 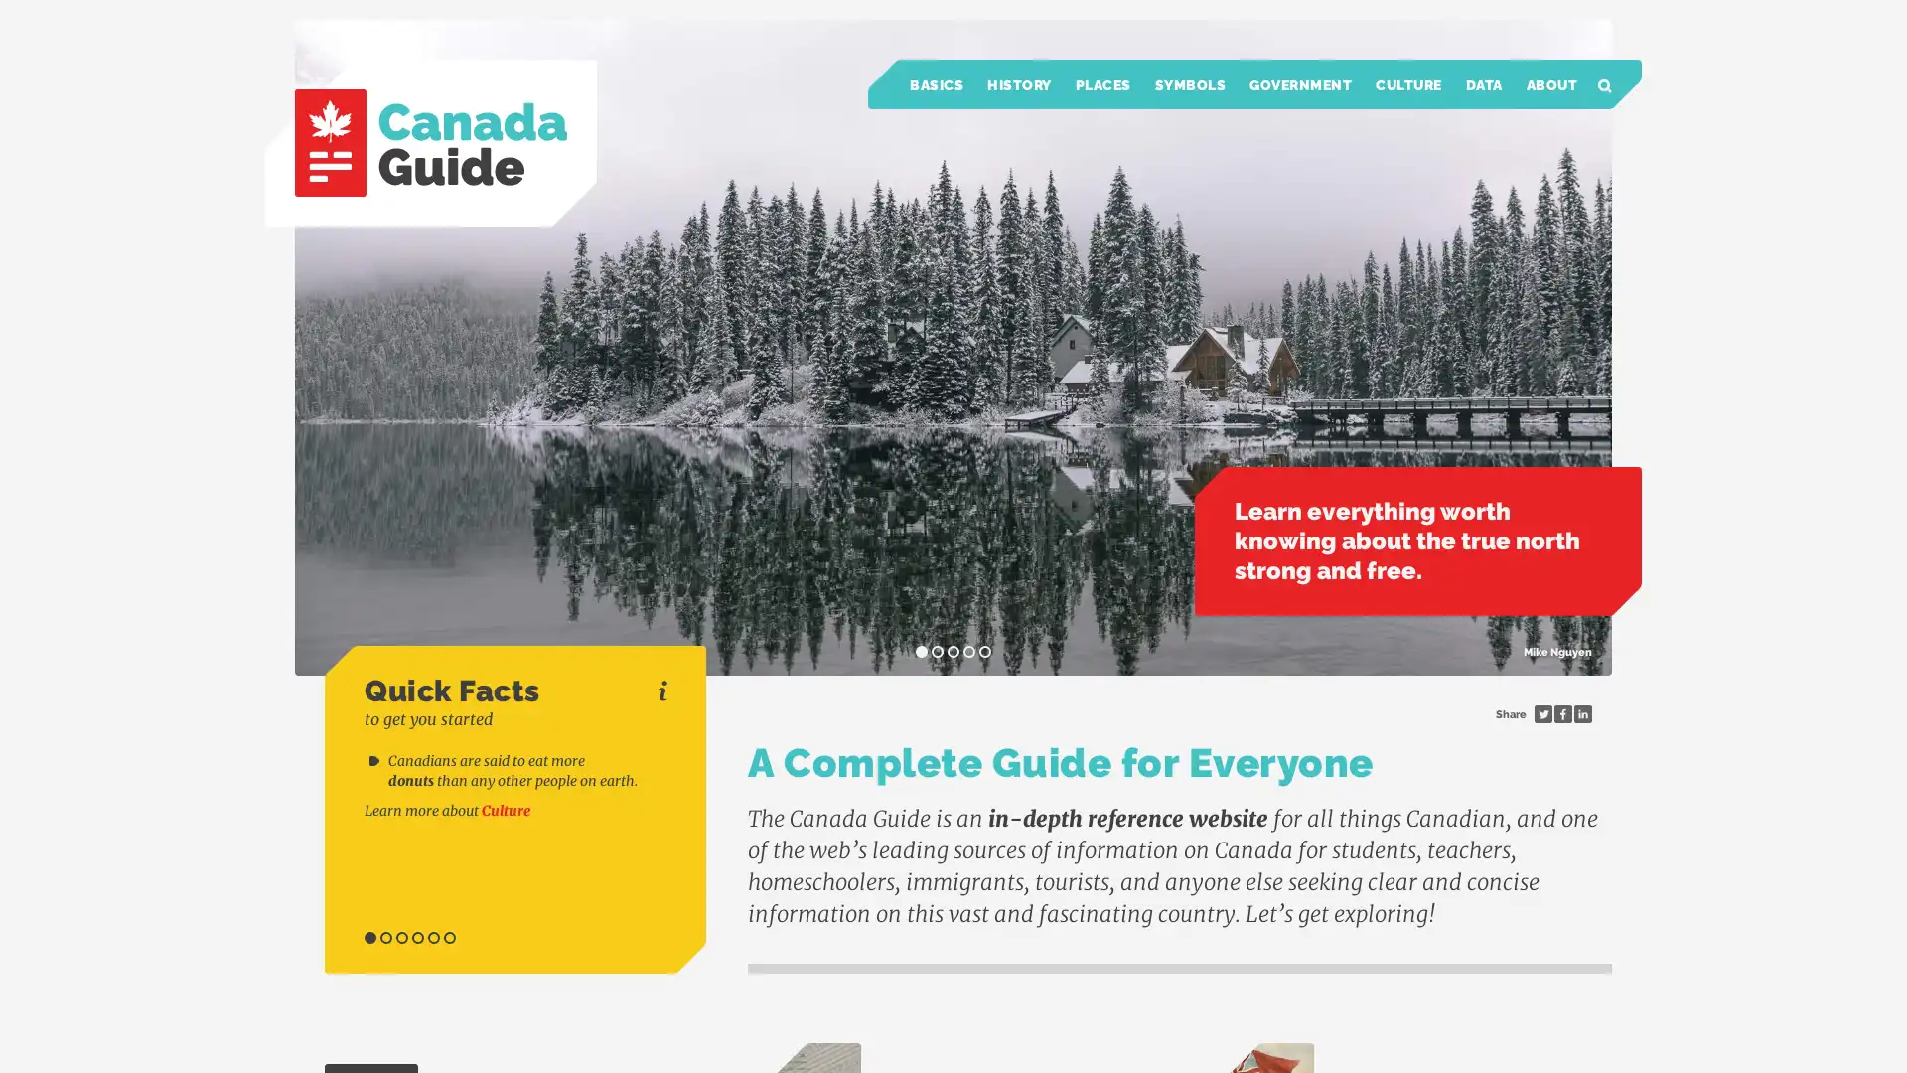 I want to click on Go to slide 6, so click(x=448, y=938).